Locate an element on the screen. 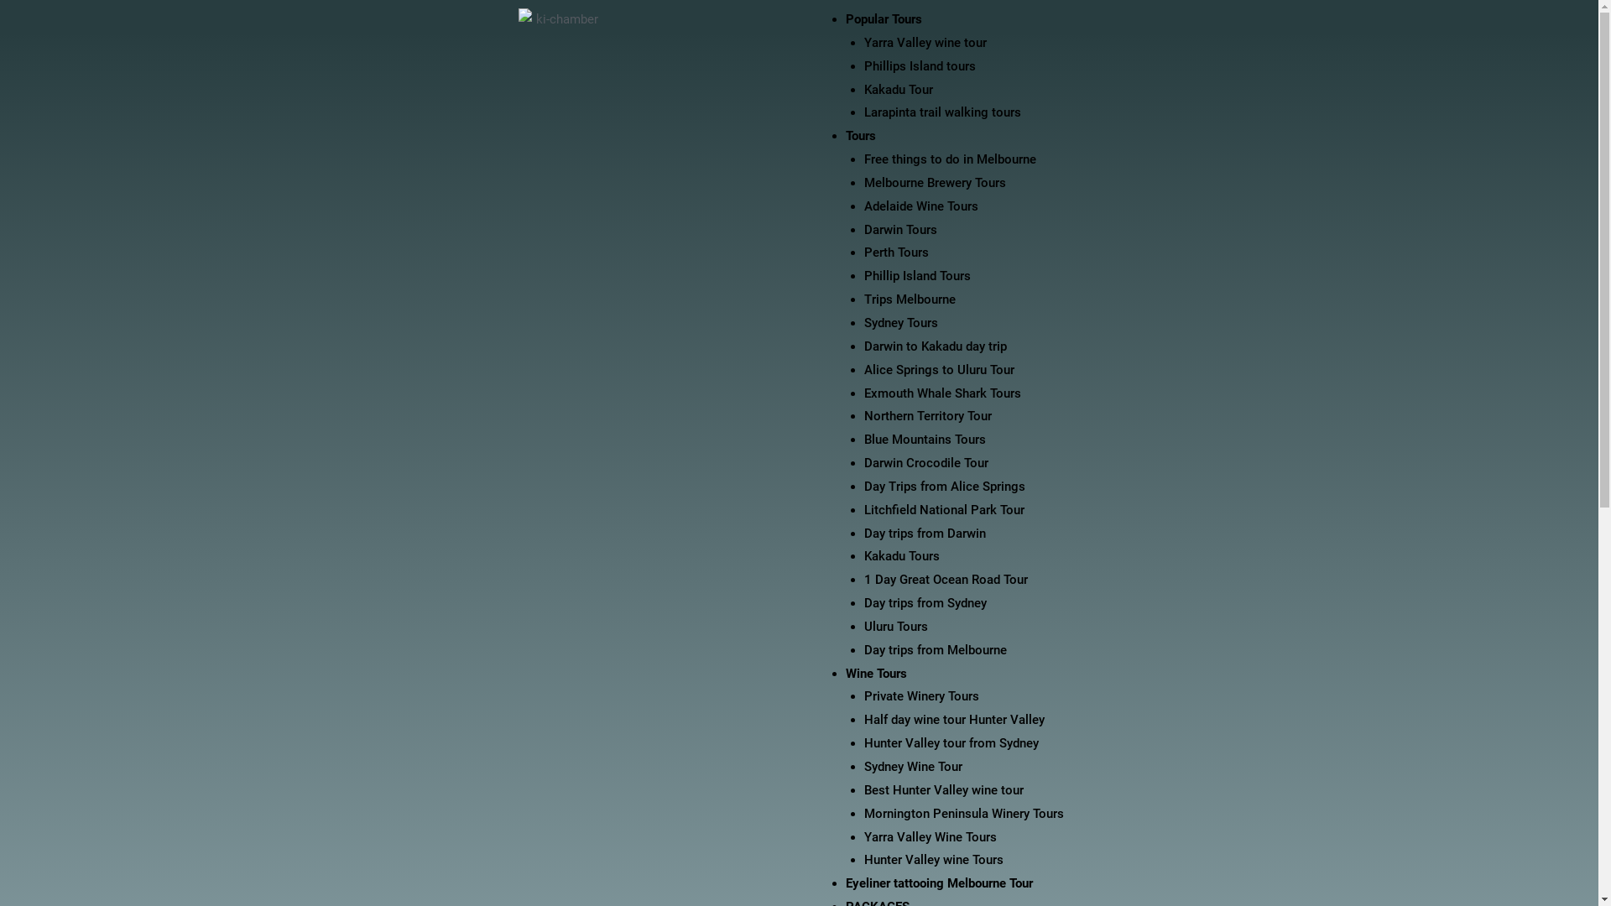 This screenshot has width=1611, height=906. 'Day Trips from Alice Springs' is located at coordinates (945, 486).